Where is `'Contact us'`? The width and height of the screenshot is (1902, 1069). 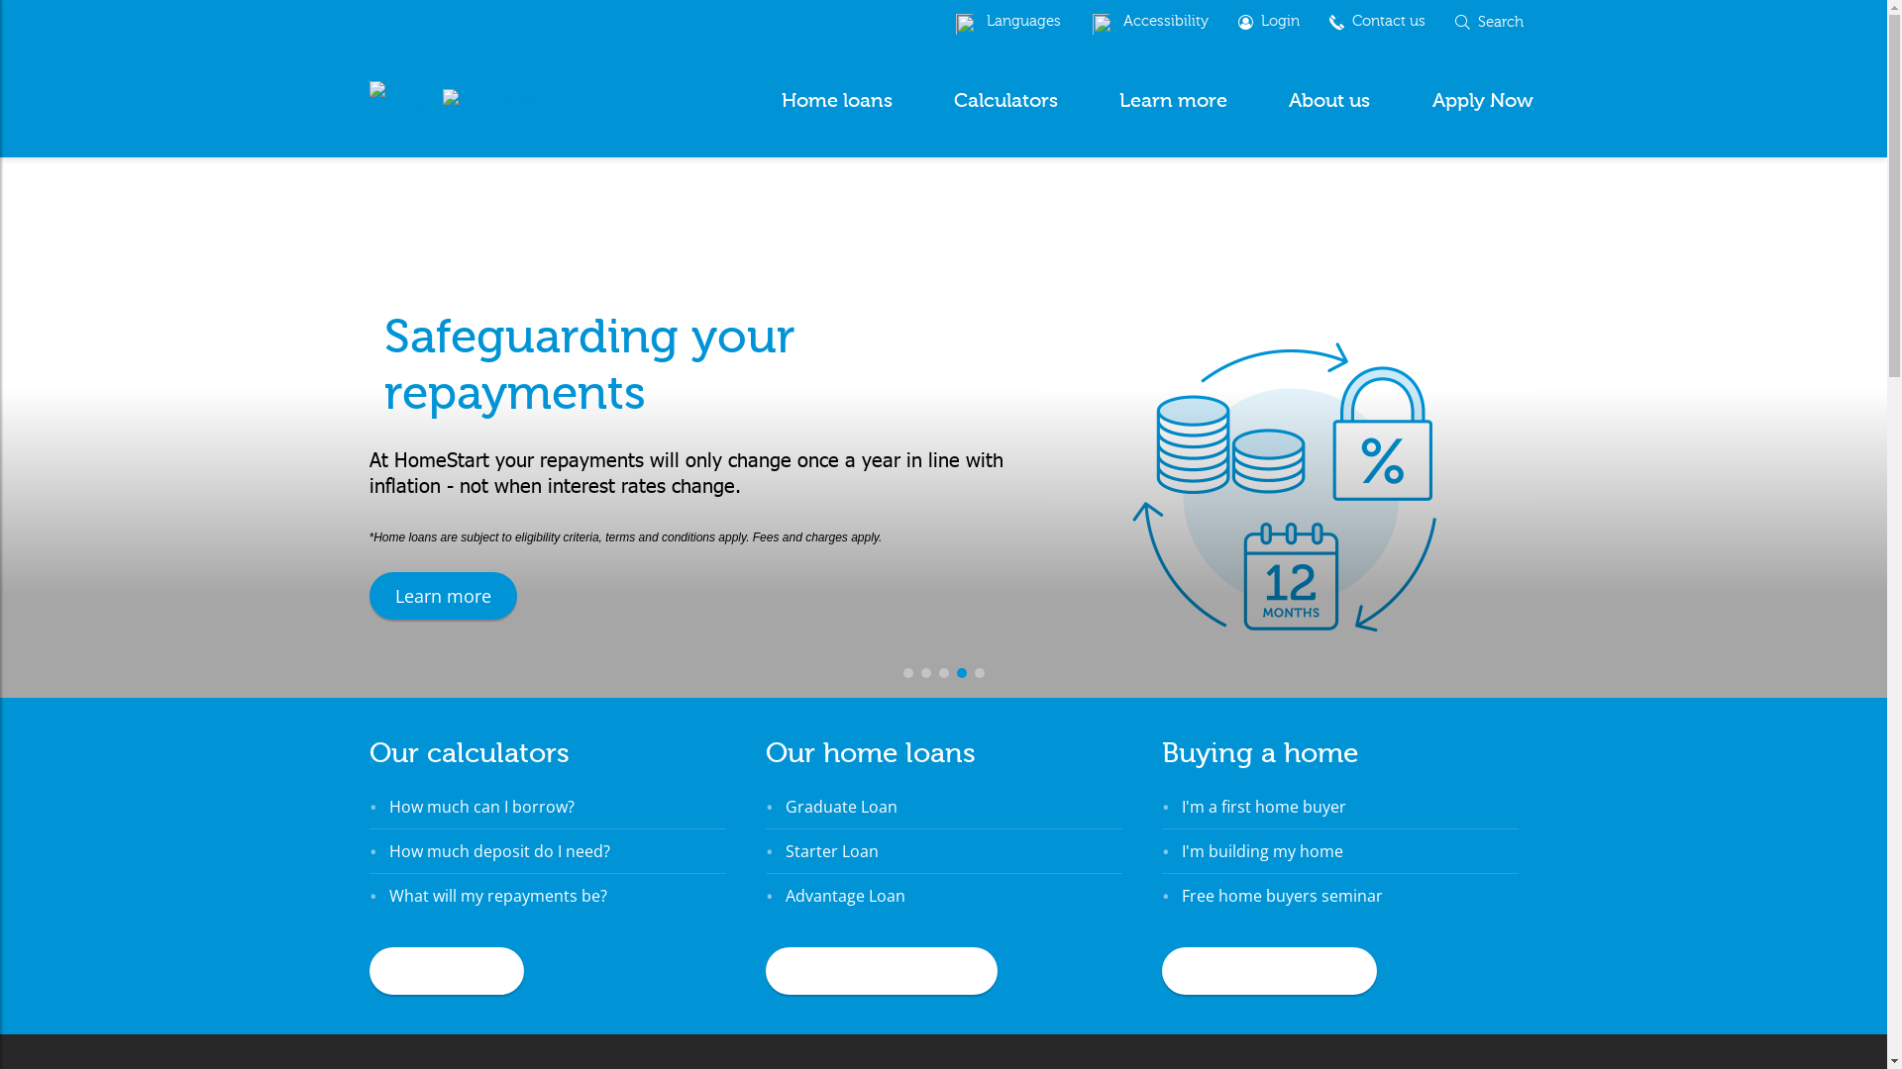 'Contact us' is located at coordinates (1375, 22).